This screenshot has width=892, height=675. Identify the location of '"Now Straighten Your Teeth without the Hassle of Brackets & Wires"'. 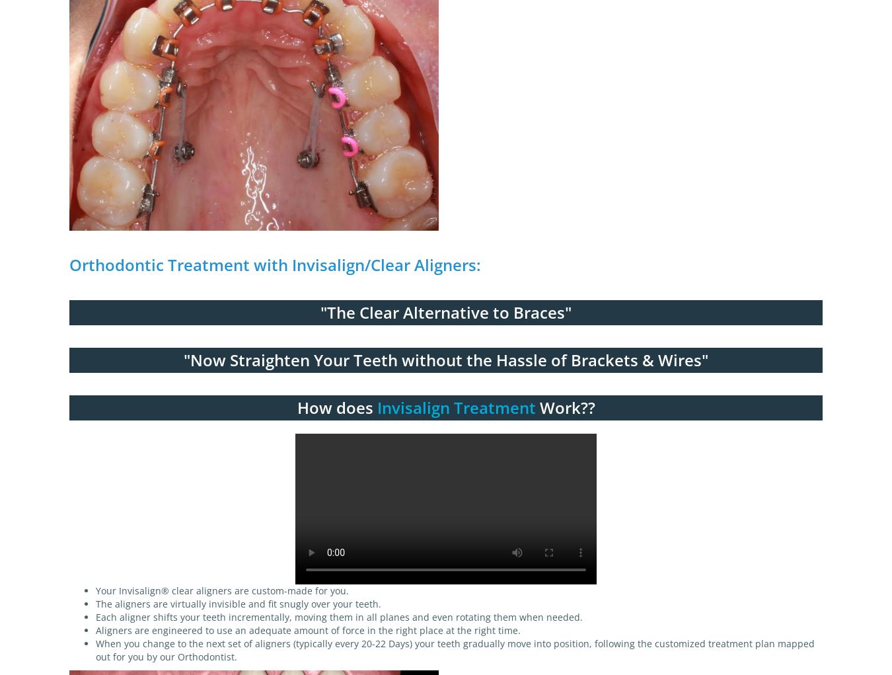
(446, 359).